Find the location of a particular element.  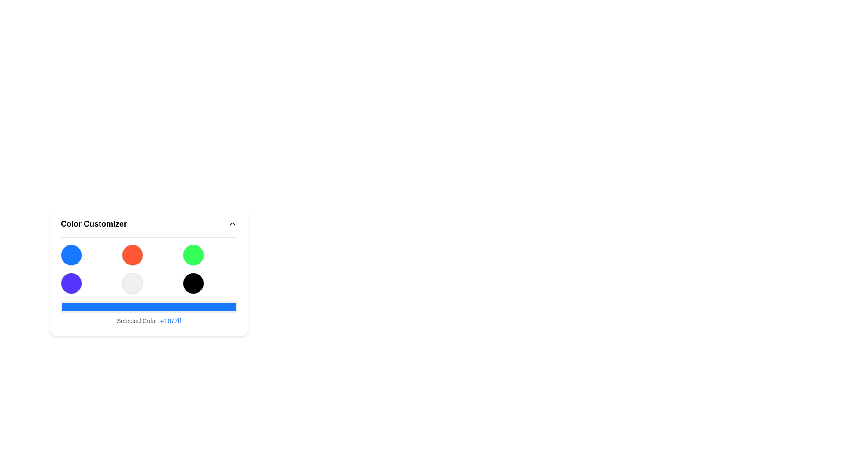

the button located at the bottom left corner of the color customization grid is located at coordinates (71, 283).